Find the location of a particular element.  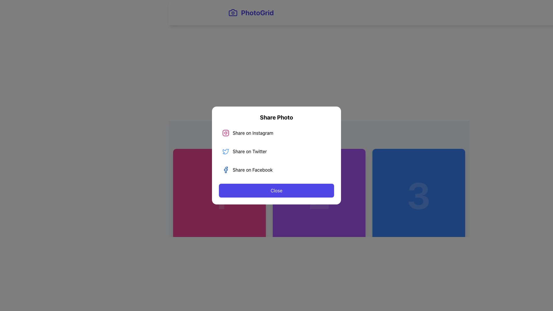

the square grid item labeled '3' is located at coordinates (419, 195).